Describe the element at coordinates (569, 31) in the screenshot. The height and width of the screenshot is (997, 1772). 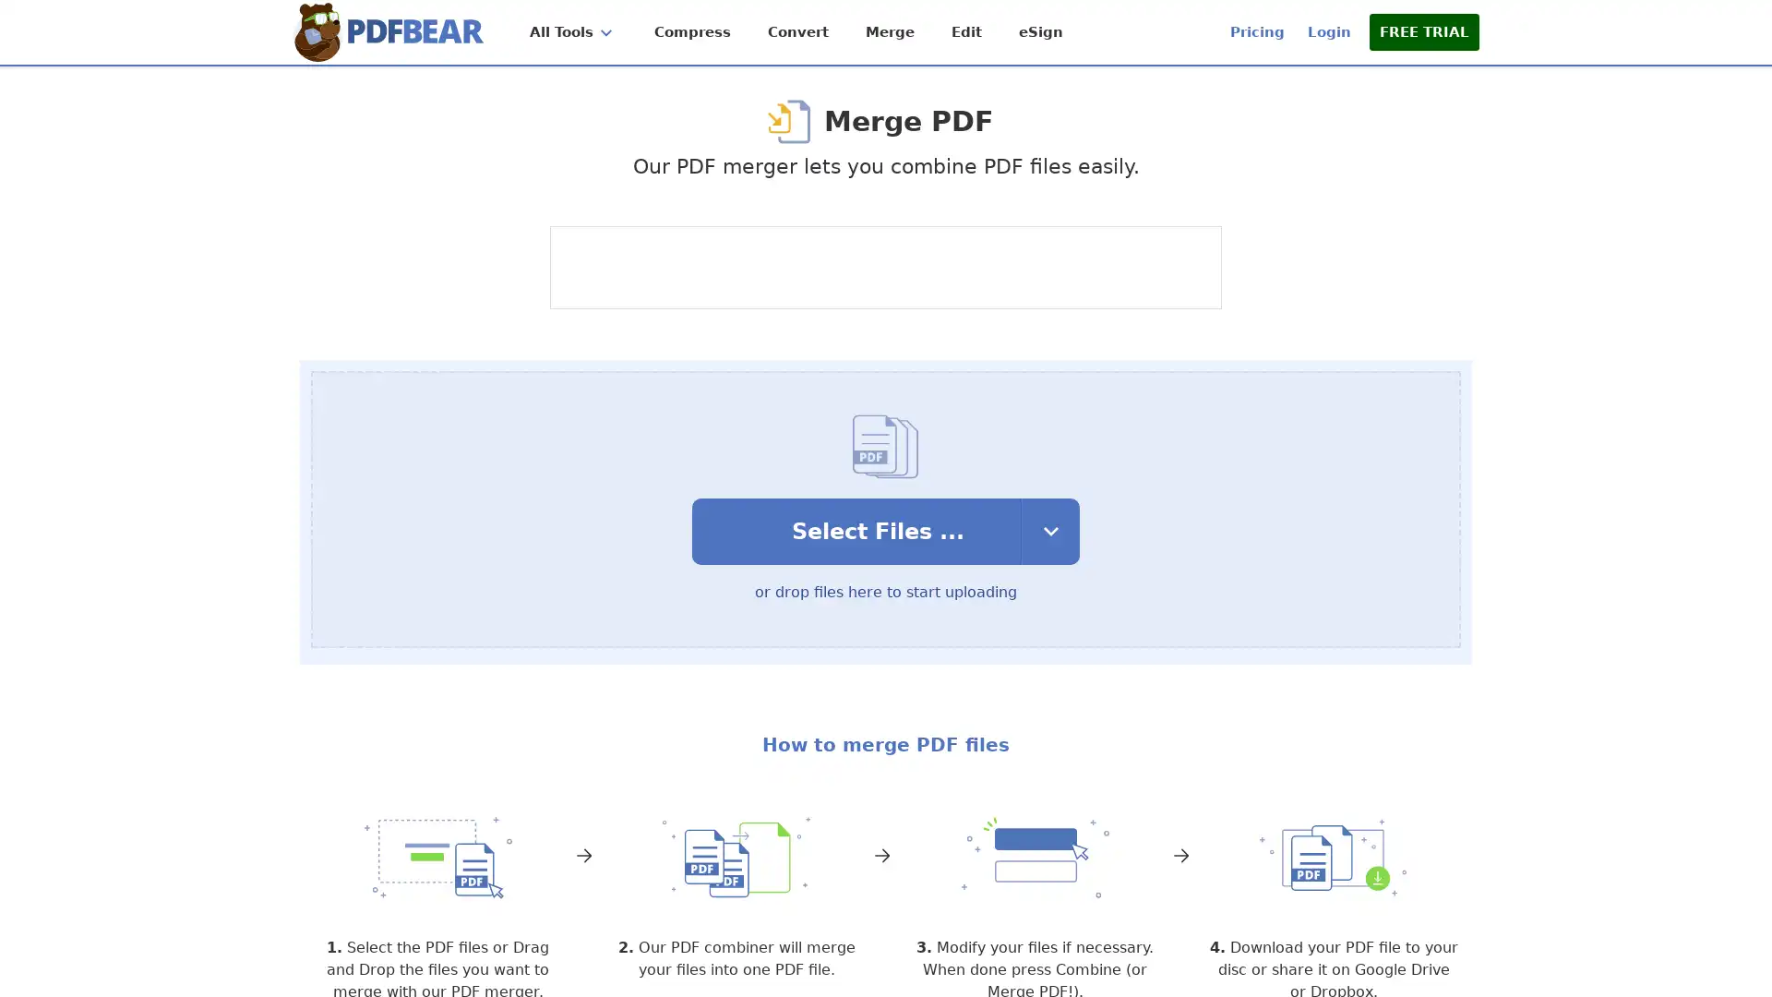
I see `All Tools` at that location.